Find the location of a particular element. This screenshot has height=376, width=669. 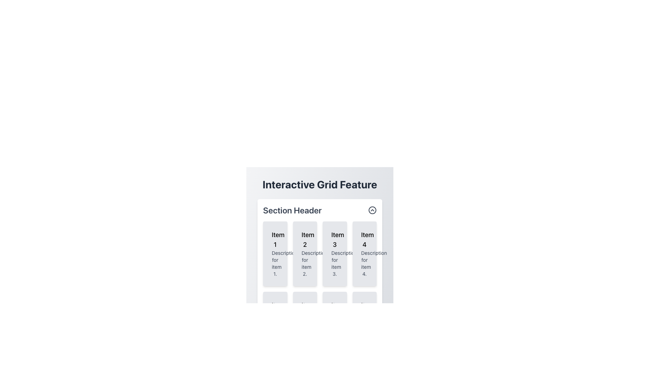

the text label or heading at the top of the first card in the grid, which indicates the name or type of the content represented by the card is located at coordinates (275, 240).